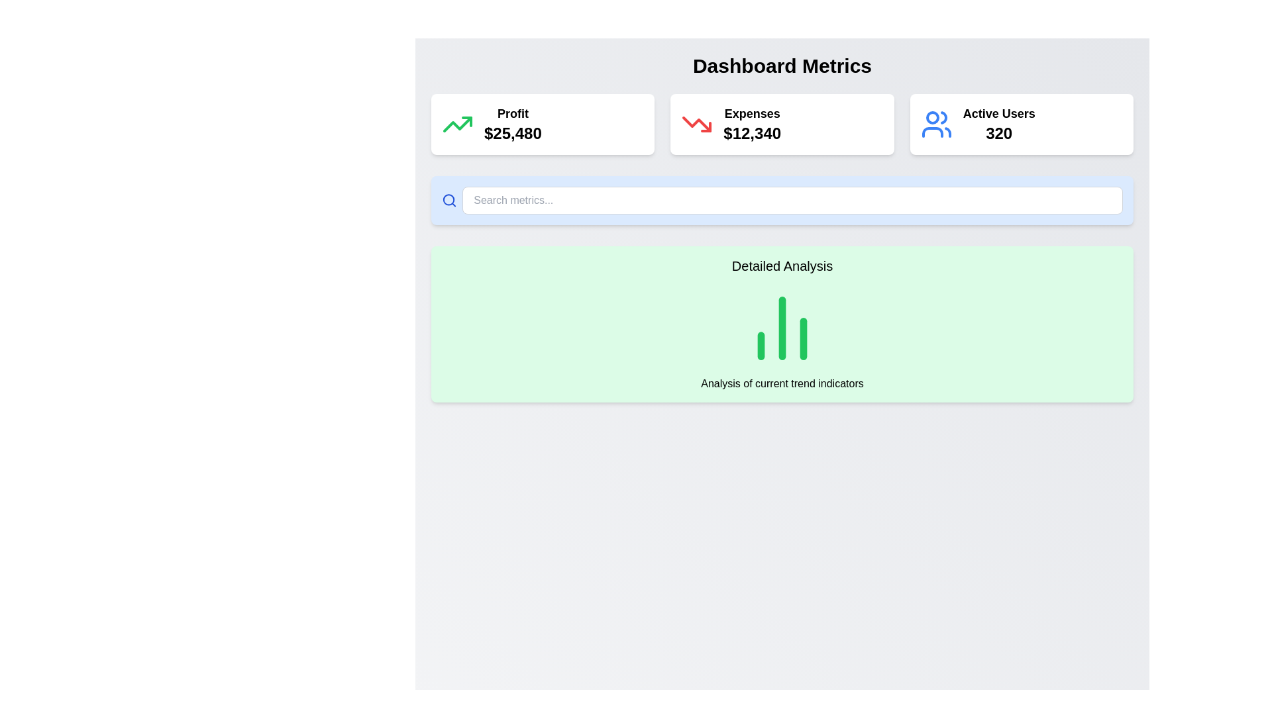 The width and height of the screenshot is (1272, 715). What do you see at coordinates (931, 132) in the screenshot?
I see `the bottom curved component of the 'Active Users' icon in the top-right of the dashboard interface` at bounding box center [931, 132].